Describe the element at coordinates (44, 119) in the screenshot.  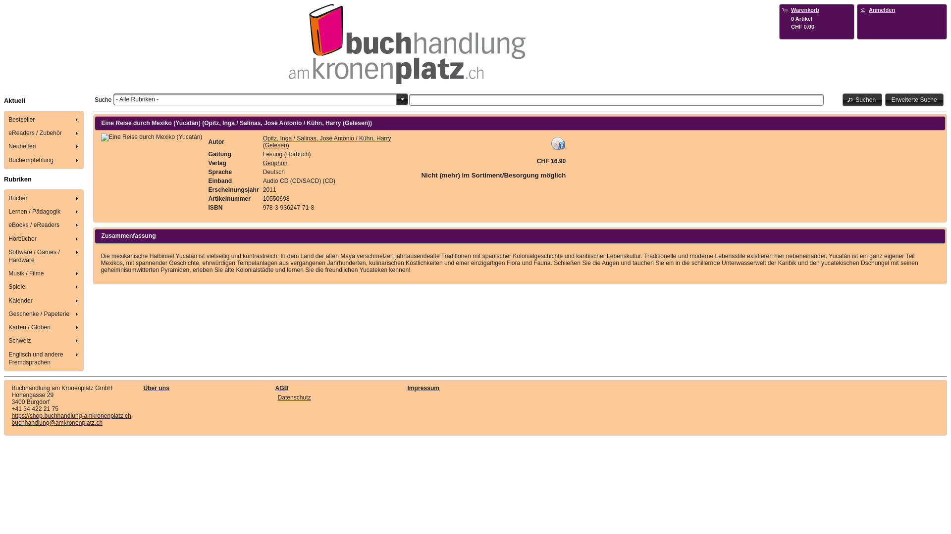
I see `'Bestseller'` at that location.